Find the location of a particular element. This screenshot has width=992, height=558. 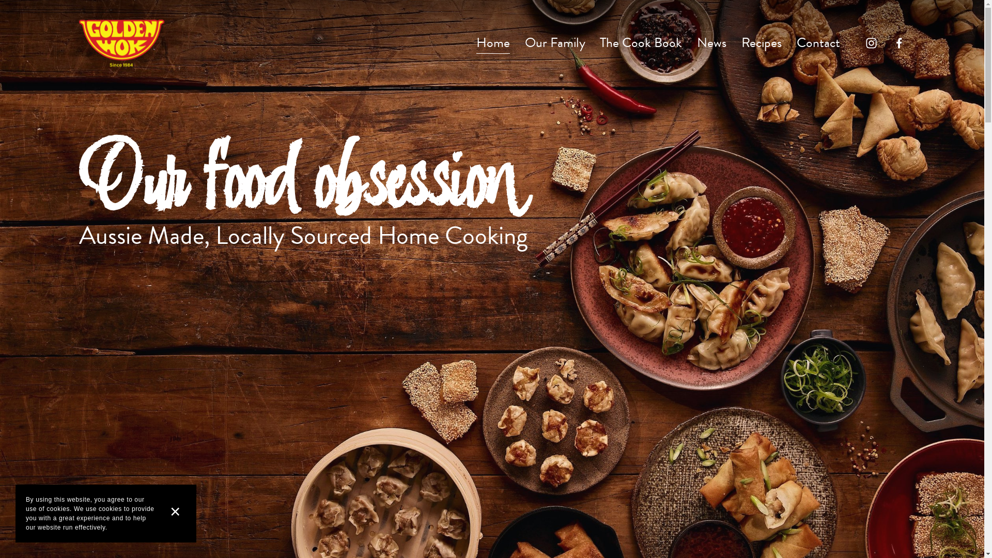

'Recipes' is located at coordinates (761, 43).